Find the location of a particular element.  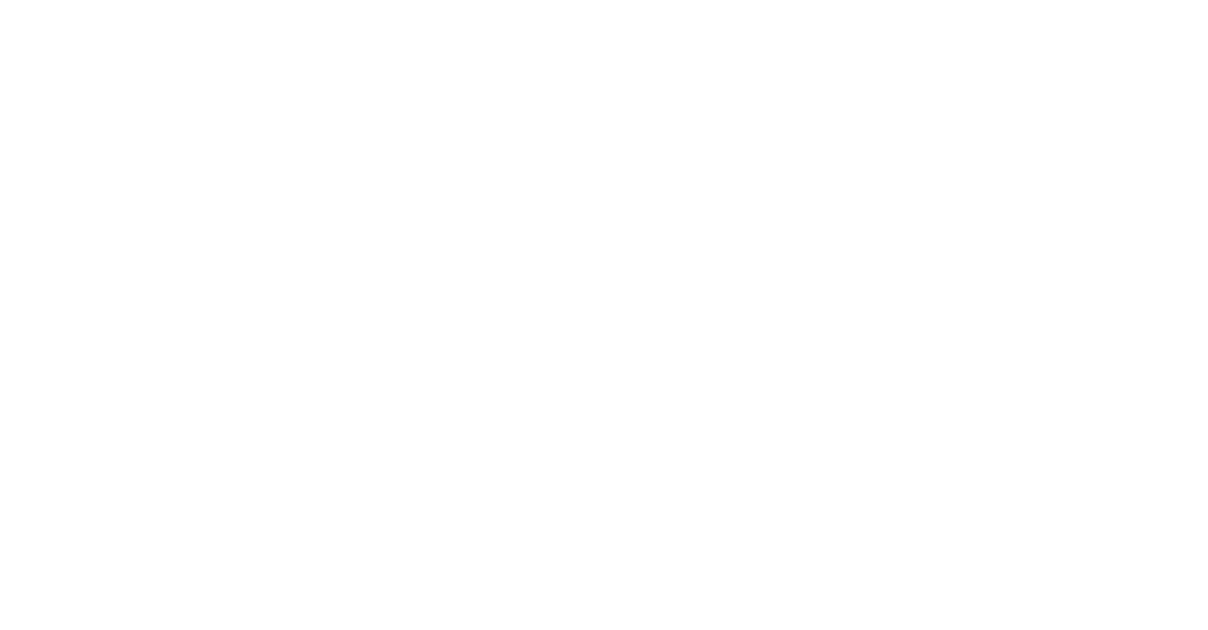

'Kontakt' is located at coordinates (49, 354).